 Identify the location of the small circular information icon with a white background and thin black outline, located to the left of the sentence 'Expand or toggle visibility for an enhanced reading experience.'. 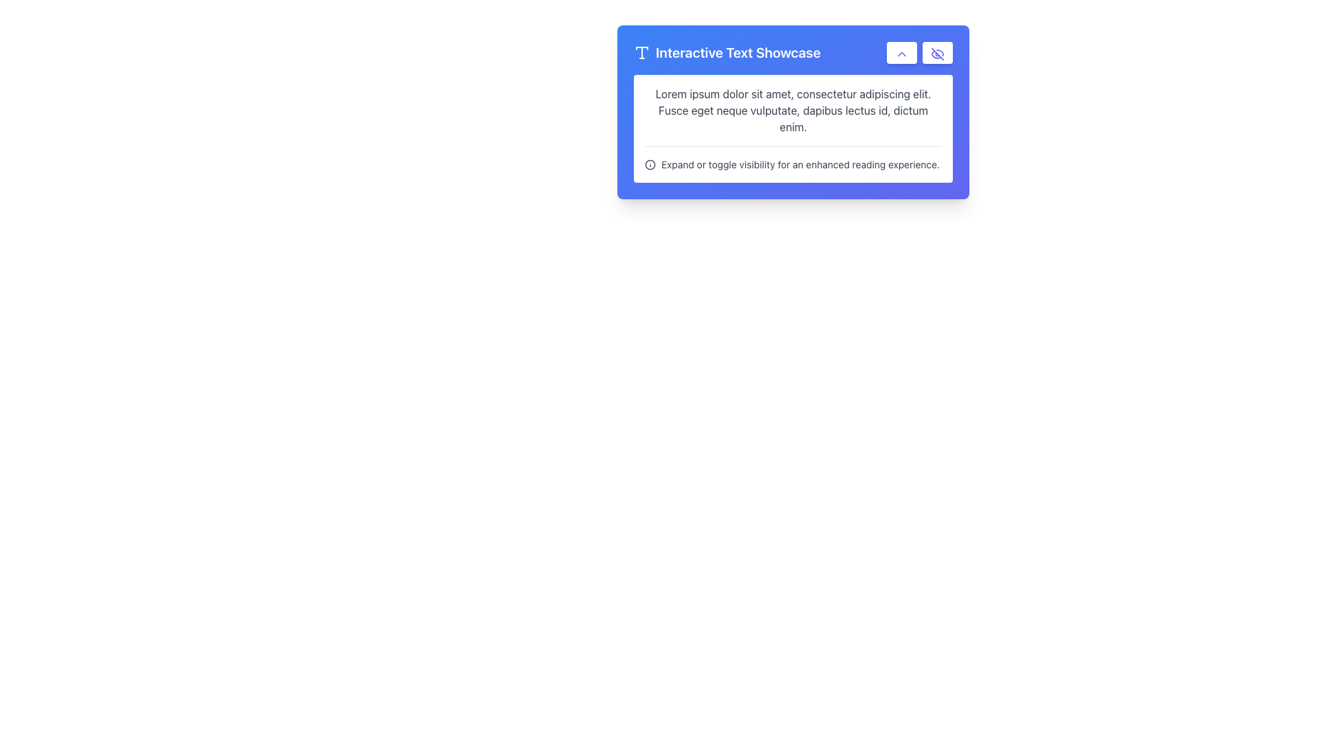
(649, 164).